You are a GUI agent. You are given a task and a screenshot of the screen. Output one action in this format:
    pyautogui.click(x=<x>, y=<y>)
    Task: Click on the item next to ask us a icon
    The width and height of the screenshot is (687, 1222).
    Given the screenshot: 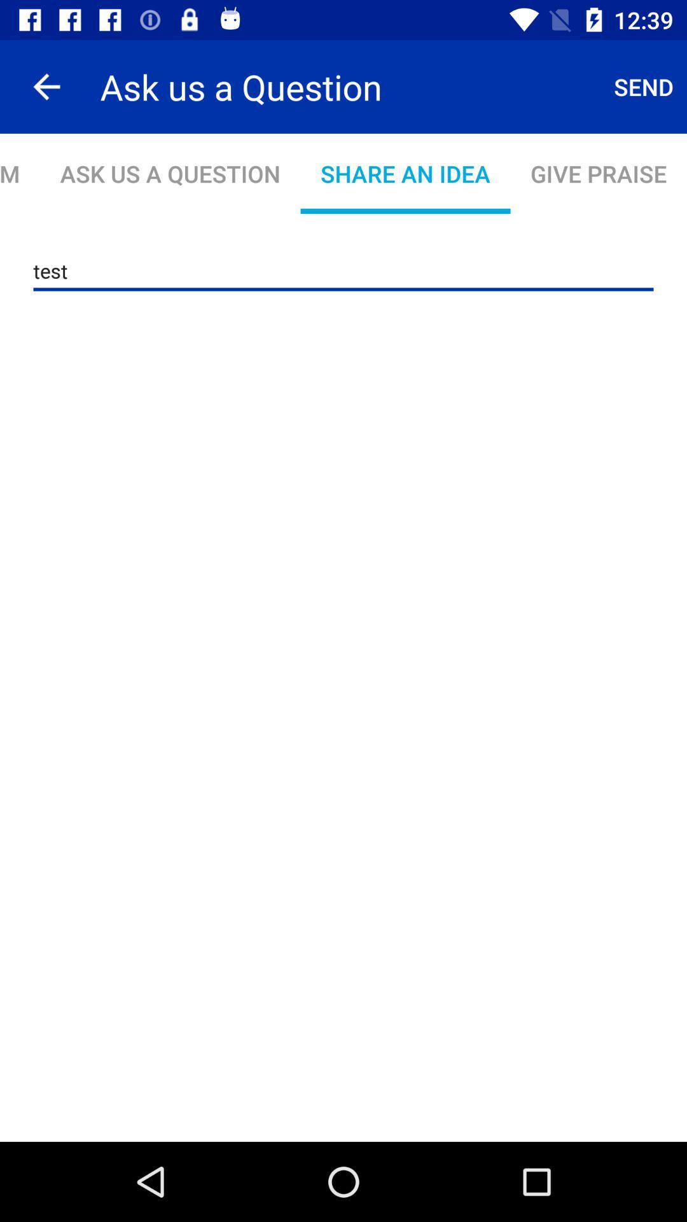 What is the action you would take?
    pyautogui.click(x=644, y=86)
    